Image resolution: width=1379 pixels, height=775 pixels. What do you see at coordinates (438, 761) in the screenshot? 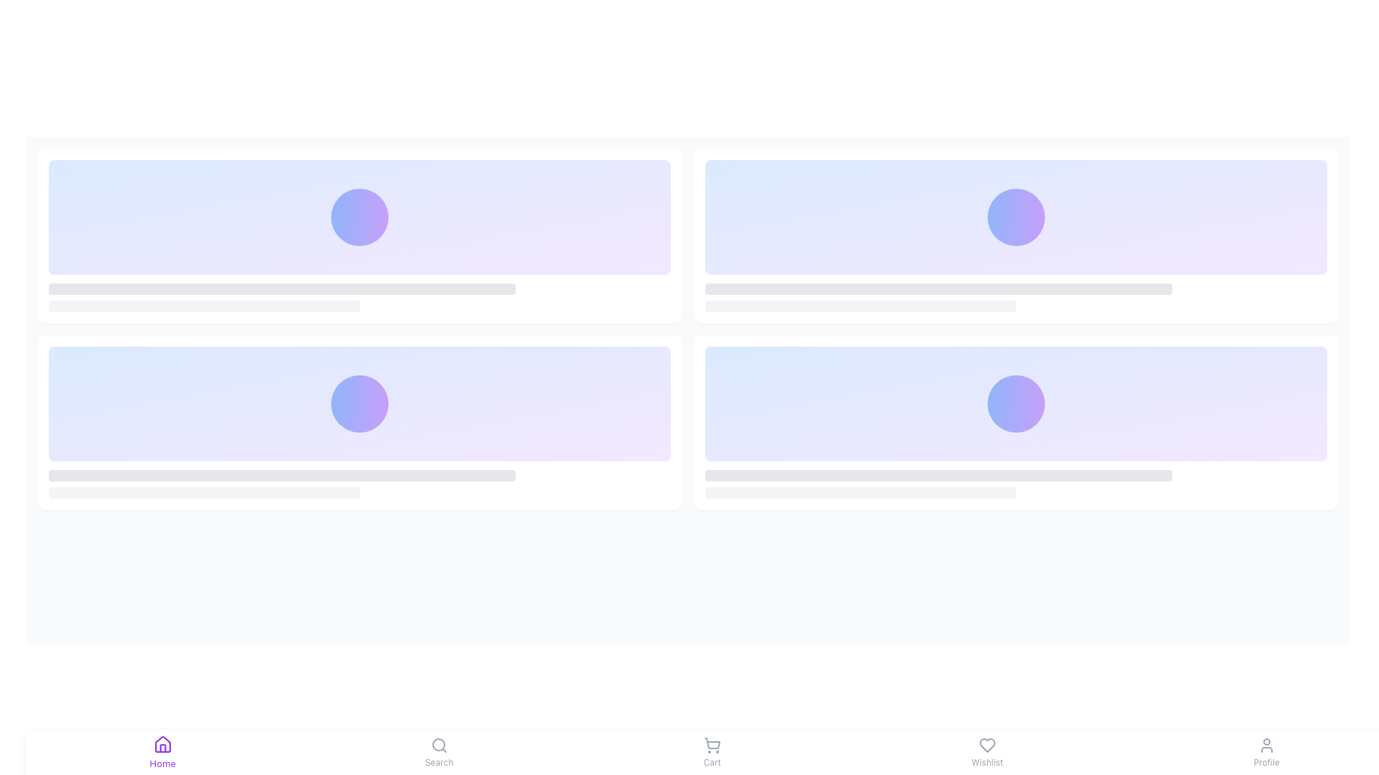
I see `the 'Search' label in light gray text located beneath the search icon in the bottom navigation bar` at bounding box center [438, 761].